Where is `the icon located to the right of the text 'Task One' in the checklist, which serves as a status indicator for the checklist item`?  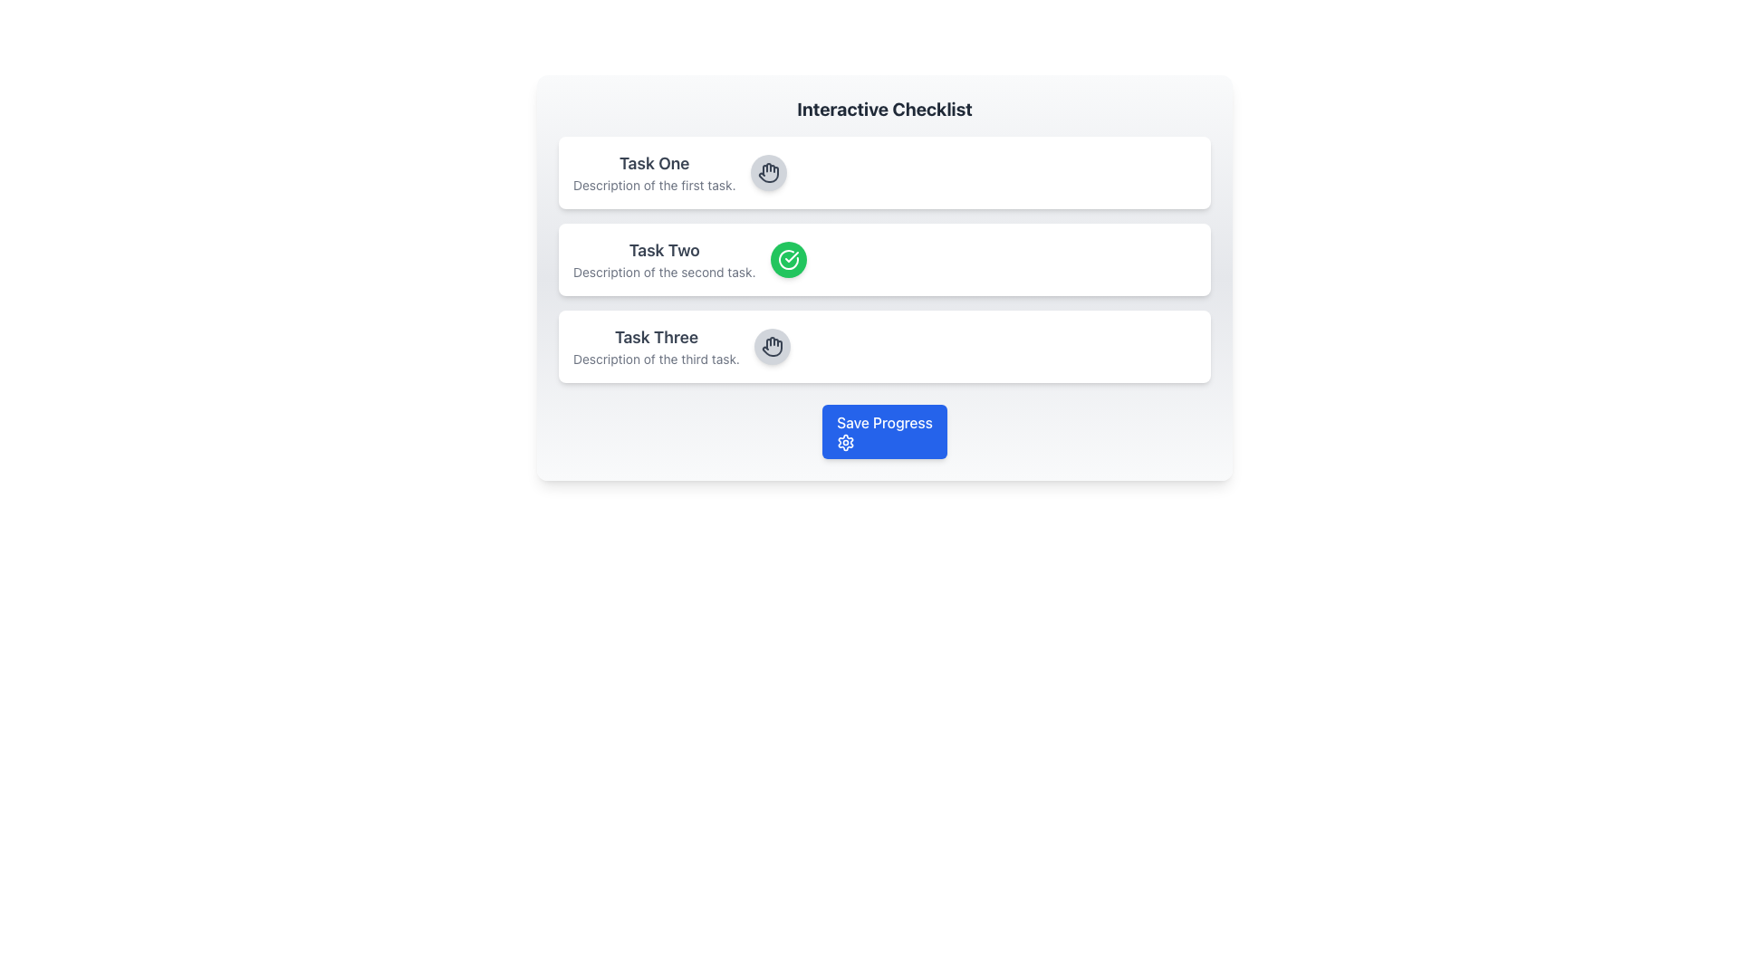
the icon located to the right of the text 'Task One' in the checklist, which serves as a status indicator for the checklist item is located at coordinates (773, 346).